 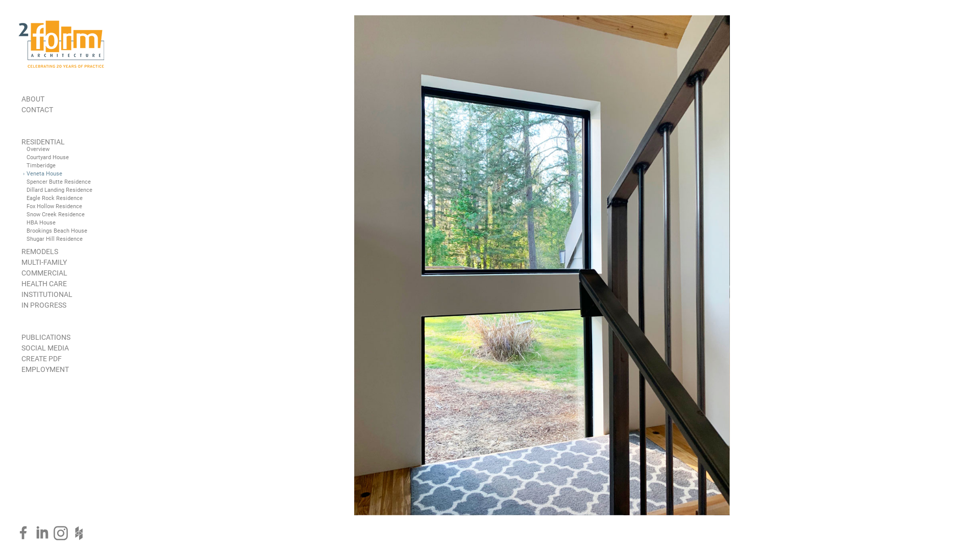 What do you see at coordinates (43, 261) in the screenshot?
I see `'MULTI-FAMILY'` at bounding box center [43, 261].